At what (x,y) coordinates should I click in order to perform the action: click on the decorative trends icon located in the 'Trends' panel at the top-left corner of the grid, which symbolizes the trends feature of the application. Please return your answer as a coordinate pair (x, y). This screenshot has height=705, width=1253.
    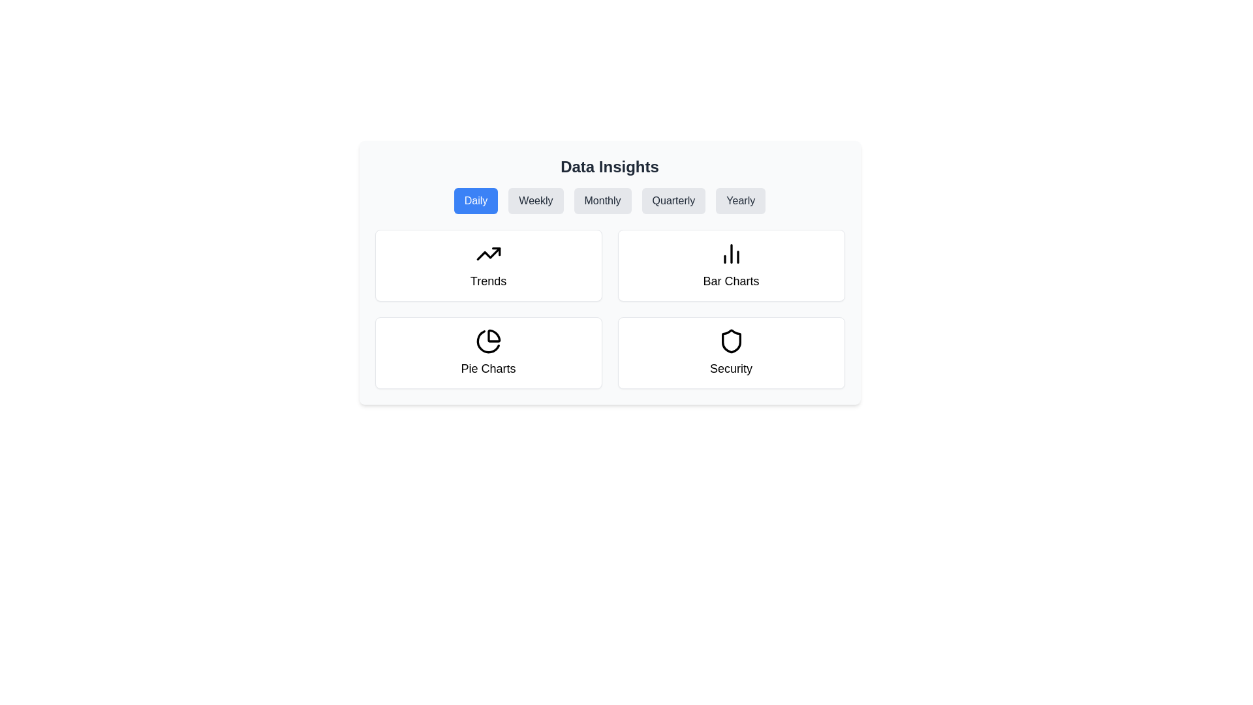
    Looking at the image, I should click on (487, 254).